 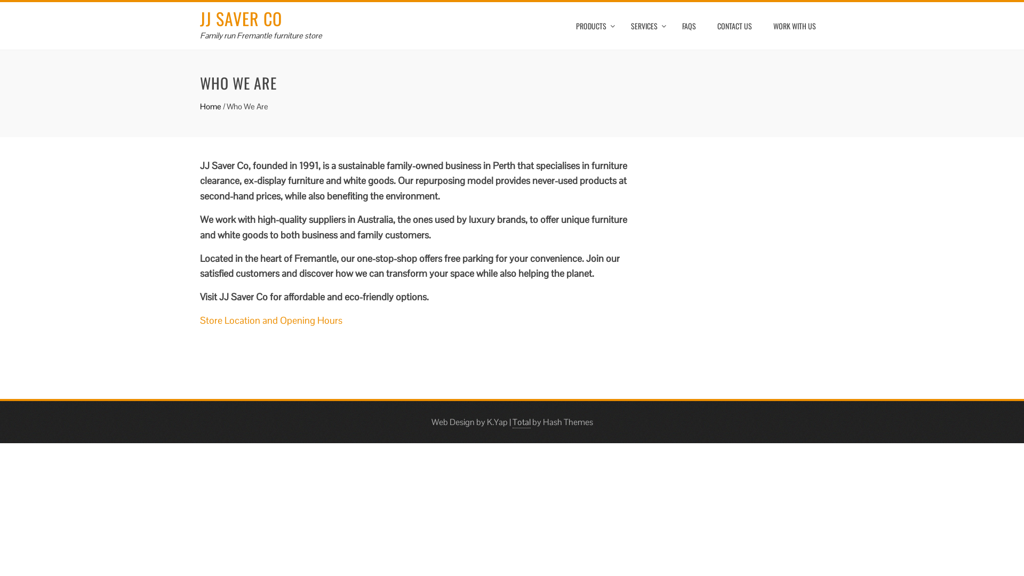 What do you see at coordinates (199, 18) in the screenshot?
I see `'JJ SAVER CO'` at bounding box center [199, 18].